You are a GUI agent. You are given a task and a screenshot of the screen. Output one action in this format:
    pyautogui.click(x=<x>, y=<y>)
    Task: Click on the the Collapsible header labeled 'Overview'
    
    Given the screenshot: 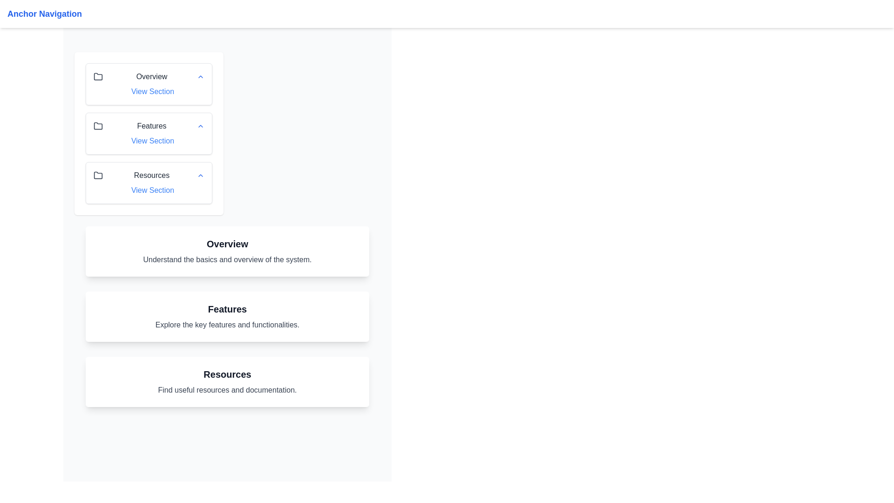 What is the action you would take?
    pyautogui.click(x=149, y=76)
    